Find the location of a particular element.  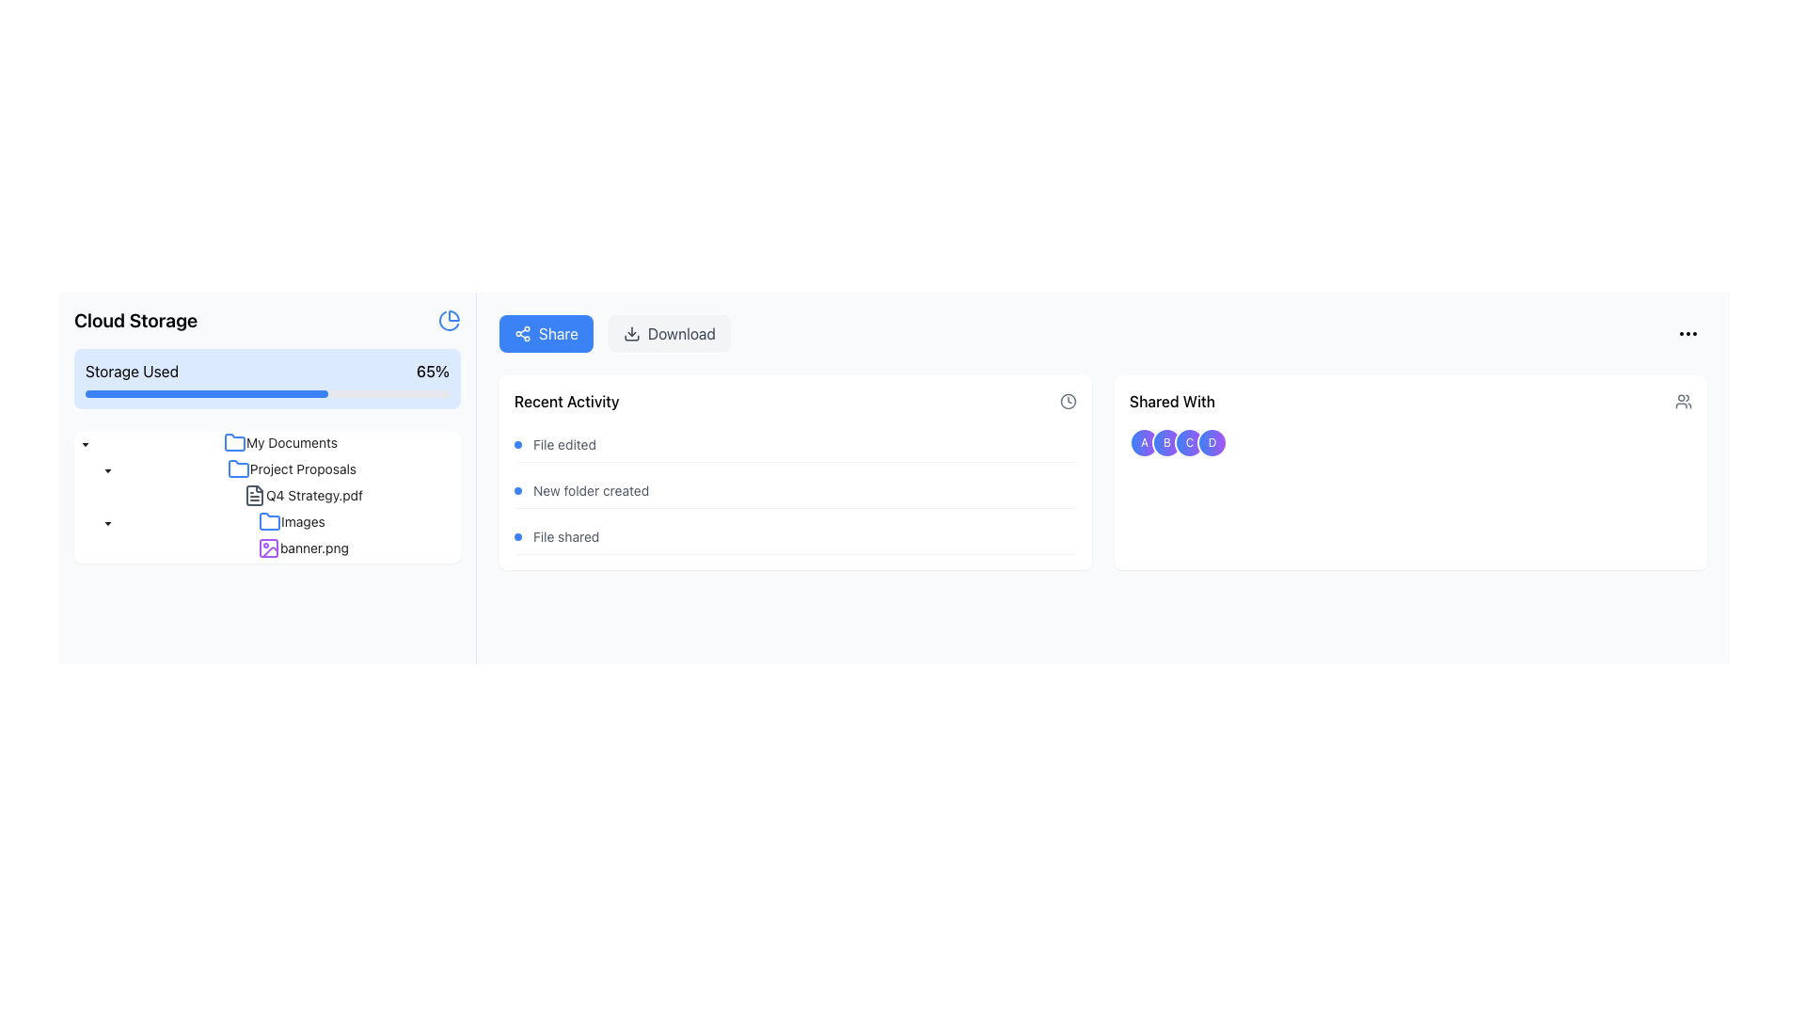

the interactive toggle icon (caret-down arrow) is located at coordinates (107, 522).